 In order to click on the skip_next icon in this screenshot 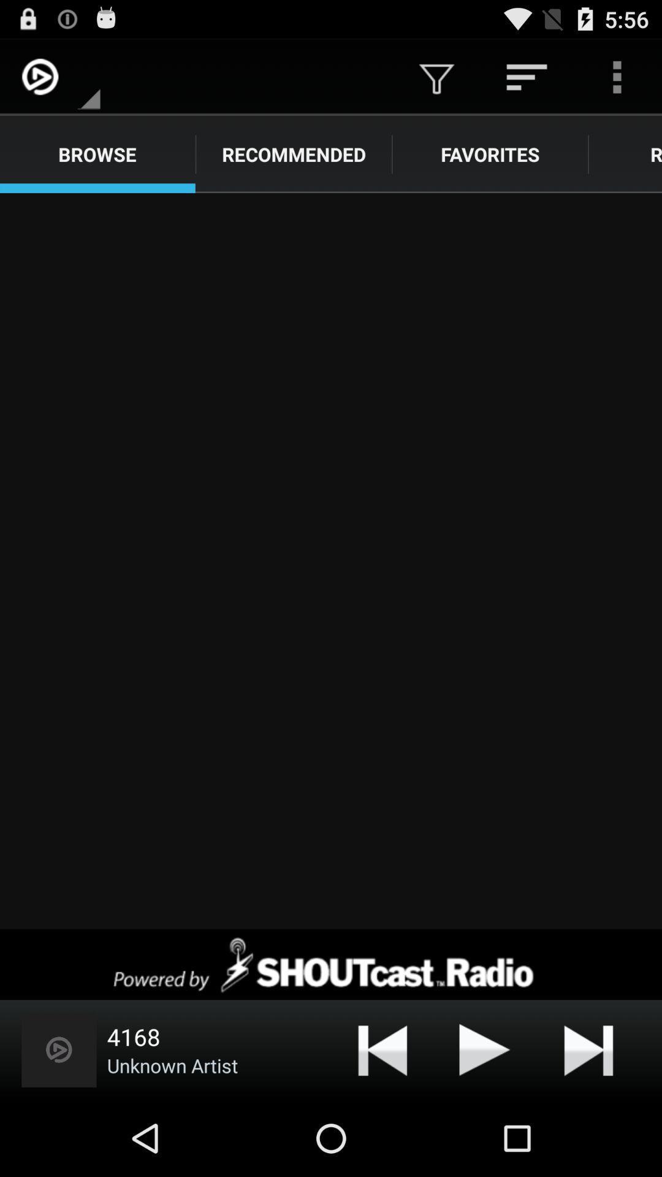, I will do `click(588, 1123)`.